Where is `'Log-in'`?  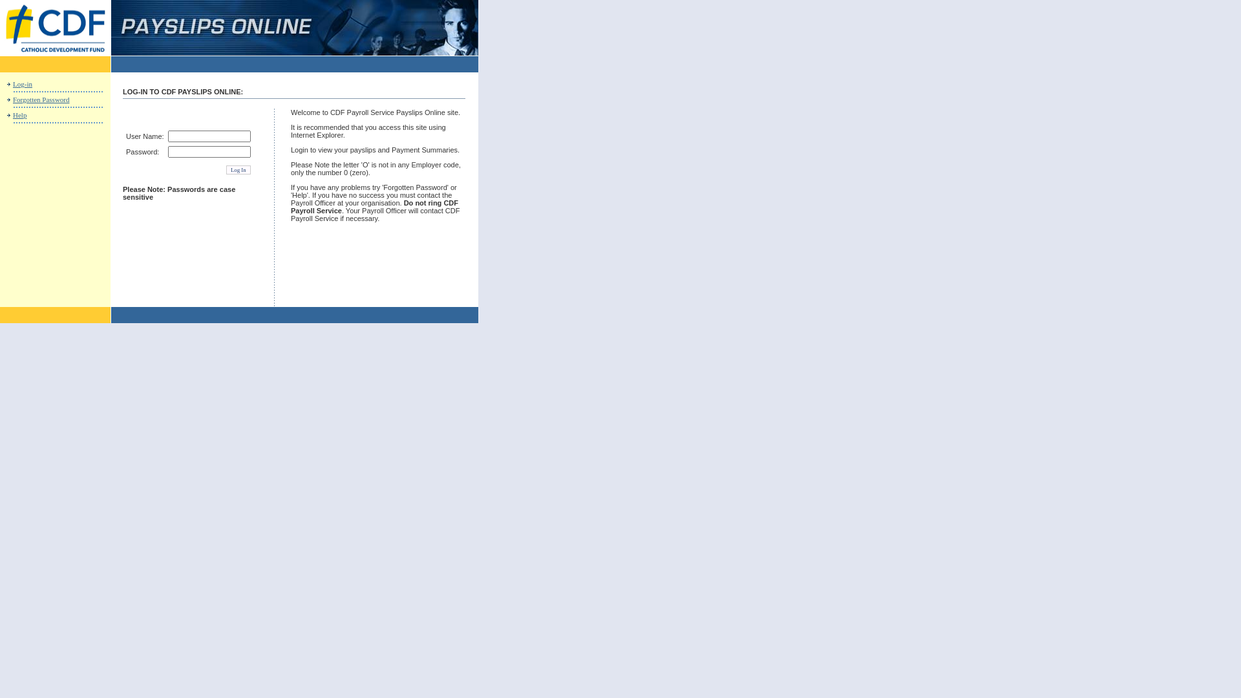
'Log-in' is located at coordinates (22, 84).